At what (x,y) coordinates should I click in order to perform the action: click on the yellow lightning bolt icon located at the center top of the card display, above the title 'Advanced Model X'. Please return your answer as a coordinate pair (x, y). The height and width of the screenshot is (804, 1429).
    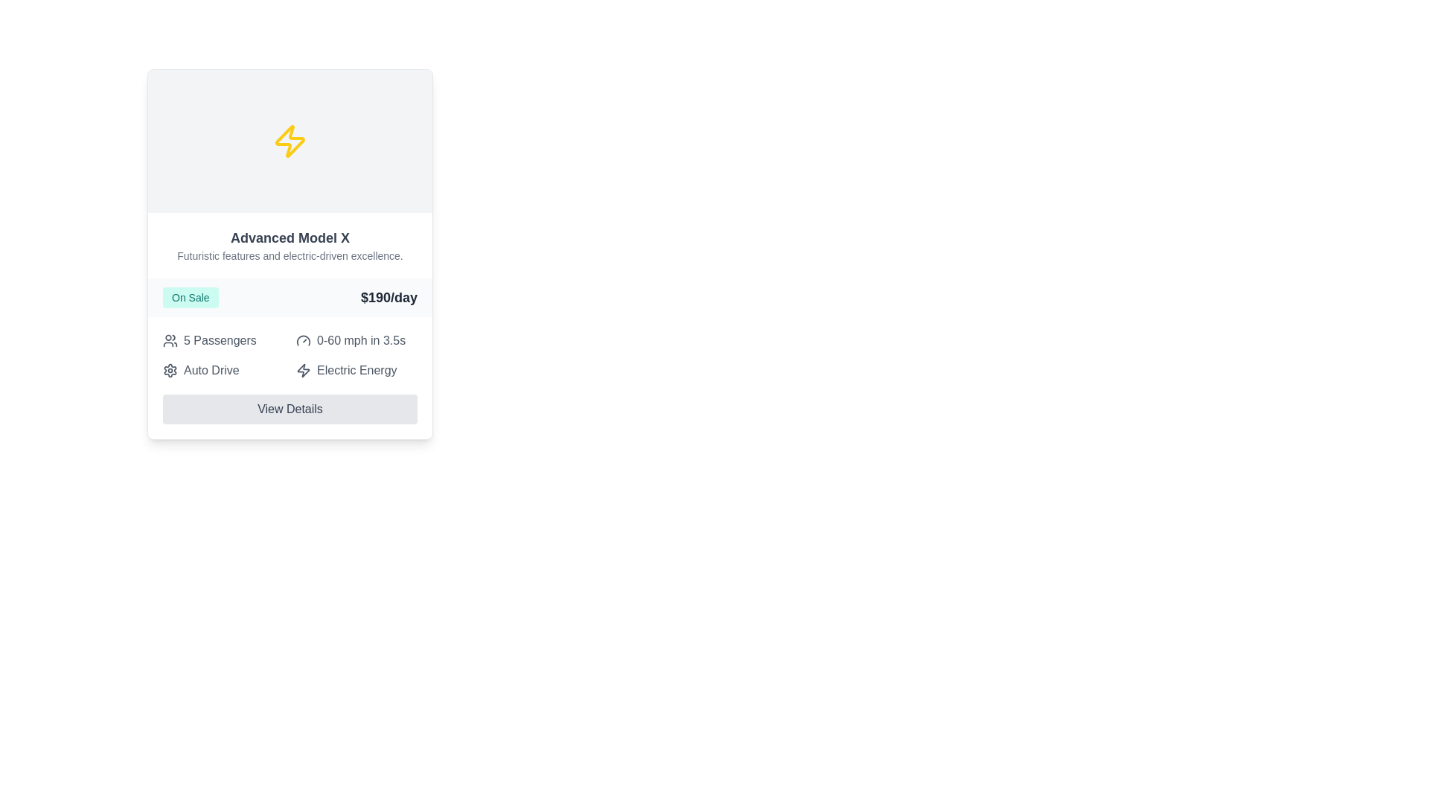
    Looking at the image, I should click on (290, 141).